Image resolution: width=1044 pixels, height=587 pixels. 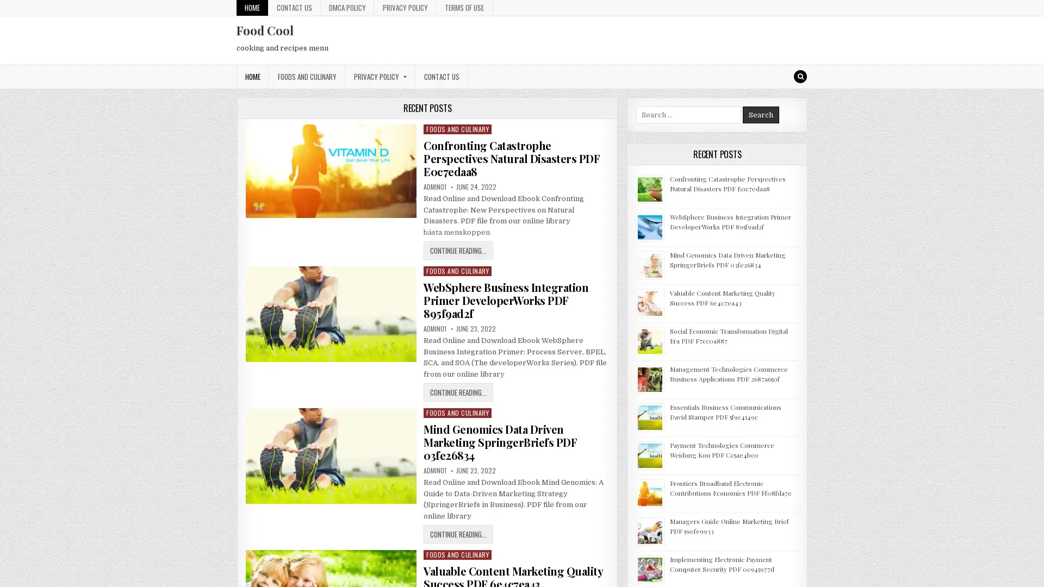 I want to click on Search, so click(x=760, y=115).